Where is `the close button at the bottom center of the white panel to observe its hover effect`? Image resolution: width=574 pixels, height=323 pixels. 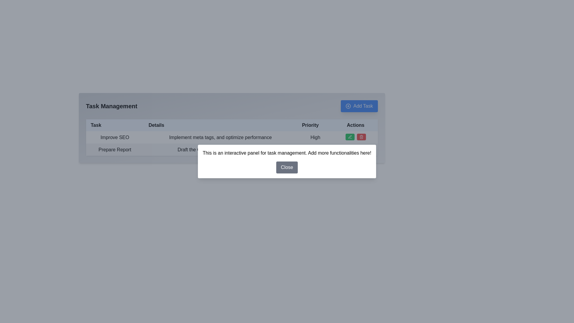
the close button at the bottom center of the white panel to observe its hover effect is located at coordinates (287, 167).